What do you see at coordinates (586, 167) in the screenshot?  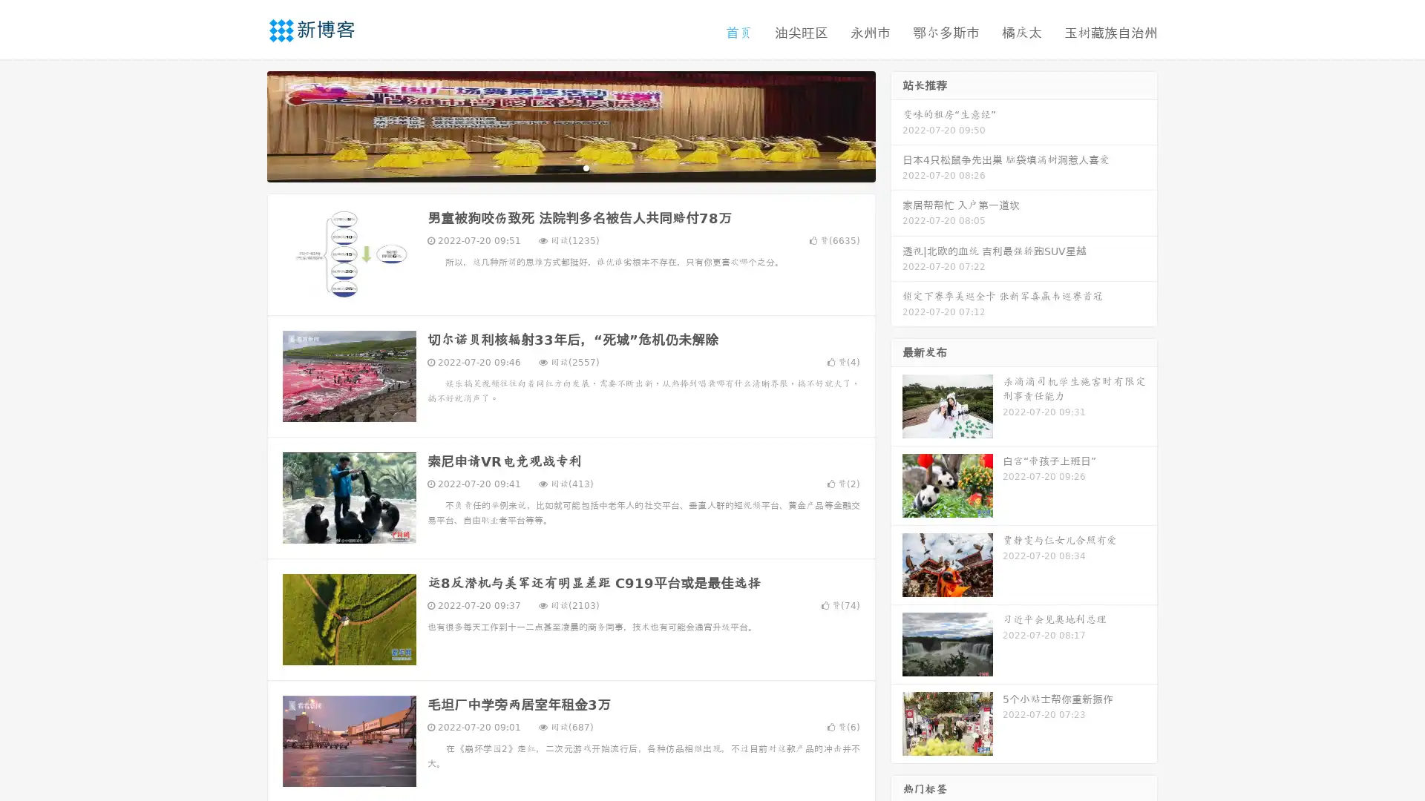 I see `Go to slide 3` at bounding box center [586, 167].